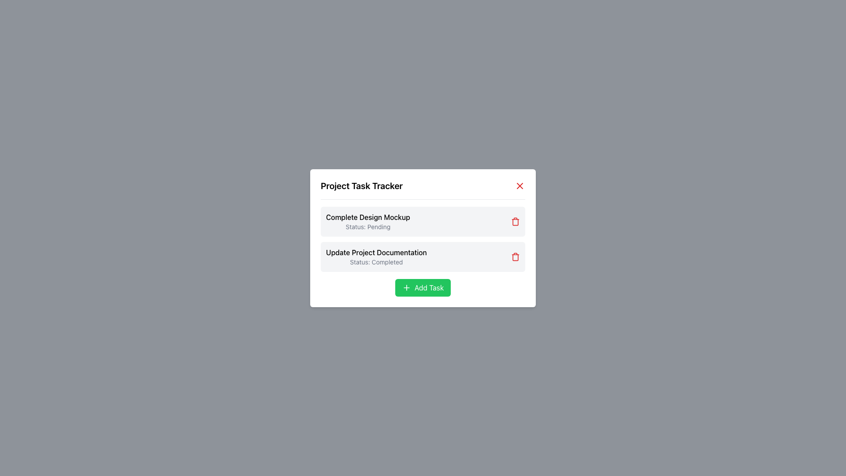 This screenshot has width=846, height=476. Describe the element at coordinates (516, 221) in the screenshot. I see `the trash bin icon button located at the top-right corner of the 'Complete Design Mockup' task card` at that location.